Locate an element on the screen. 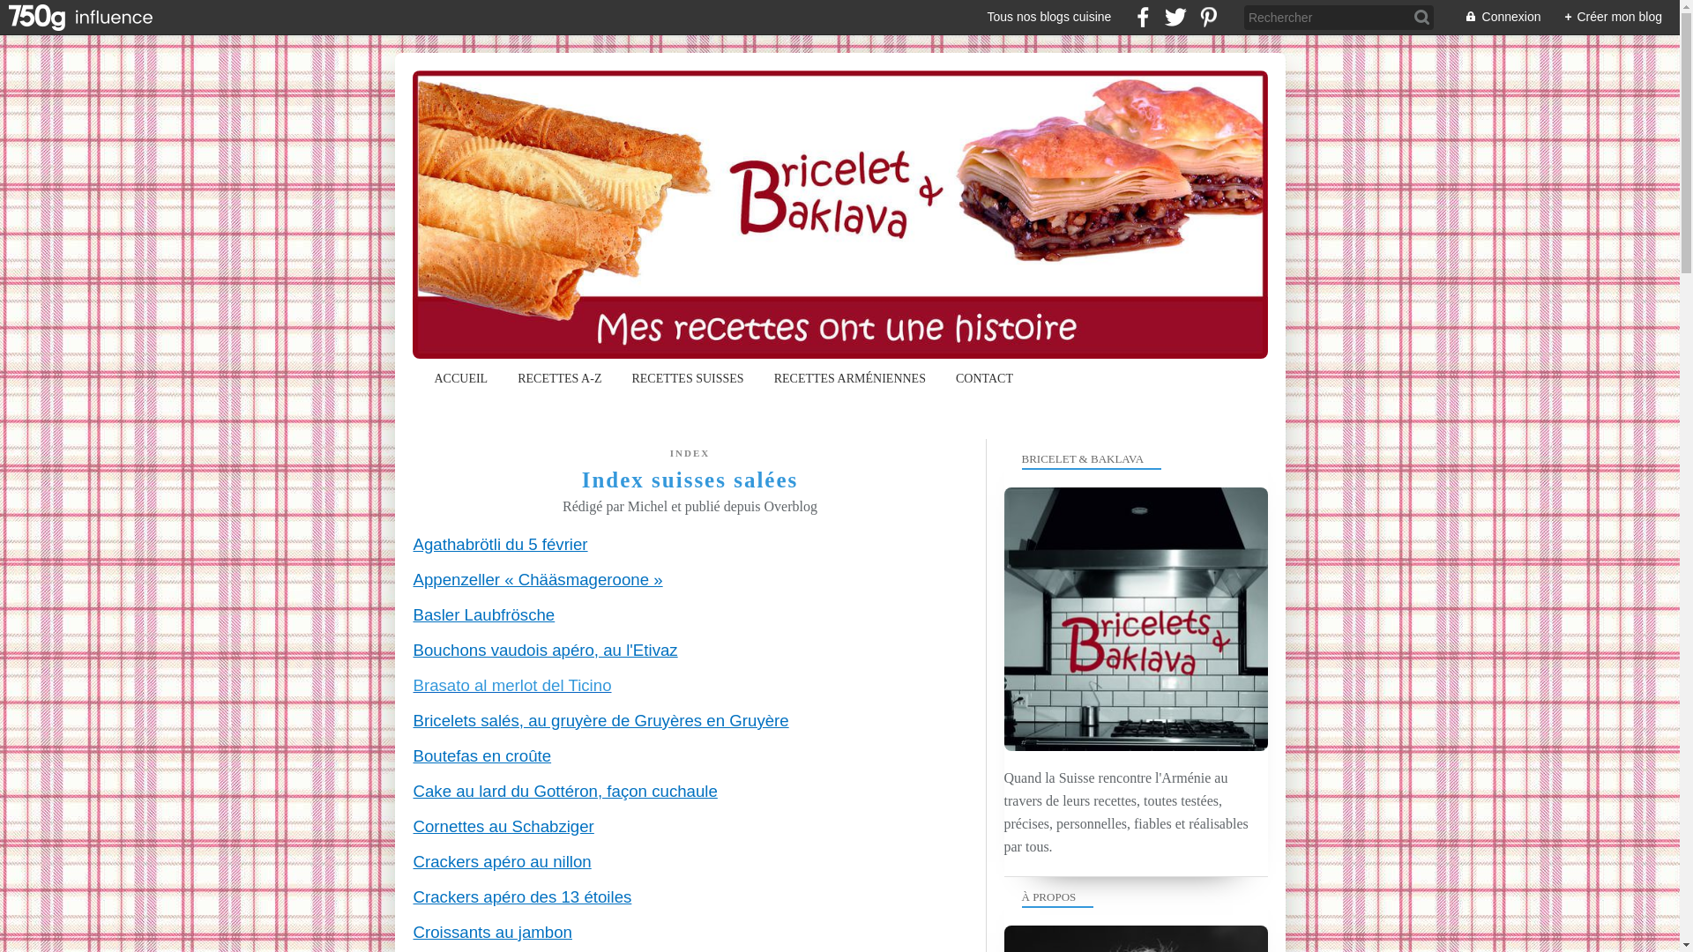 The width and height of the screenshot is (1693, 952). 'Tous nos blogs cuisine' is located at coordinates (985, 17).